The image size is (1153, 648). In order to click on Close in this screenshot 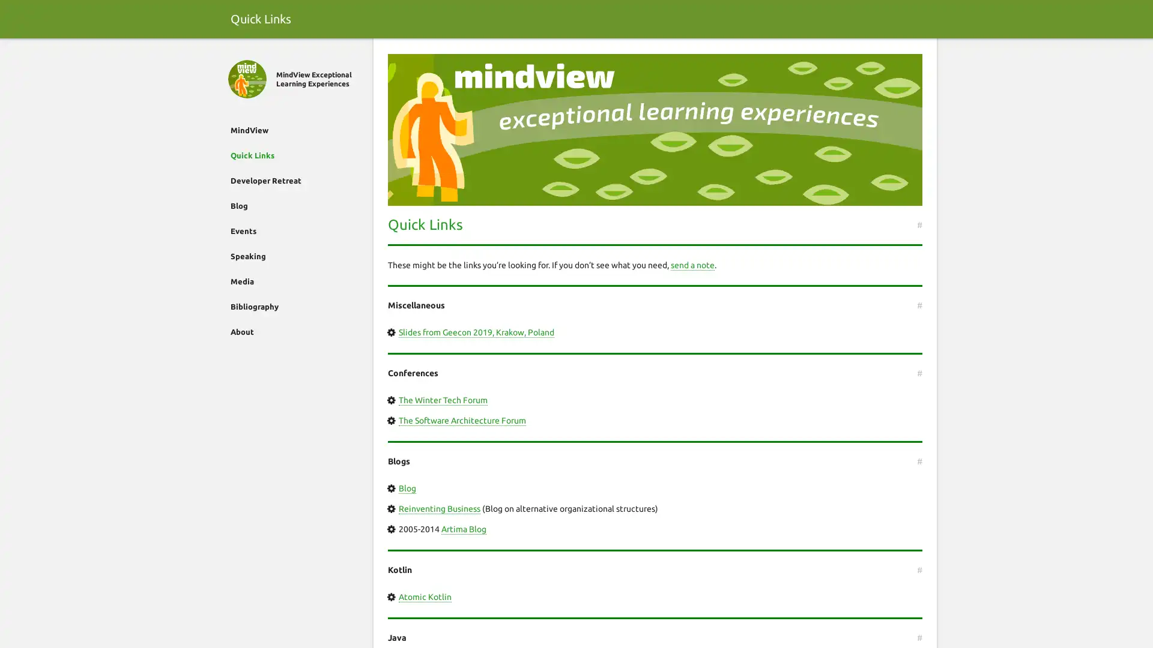, I will do `click(235, 52)`.